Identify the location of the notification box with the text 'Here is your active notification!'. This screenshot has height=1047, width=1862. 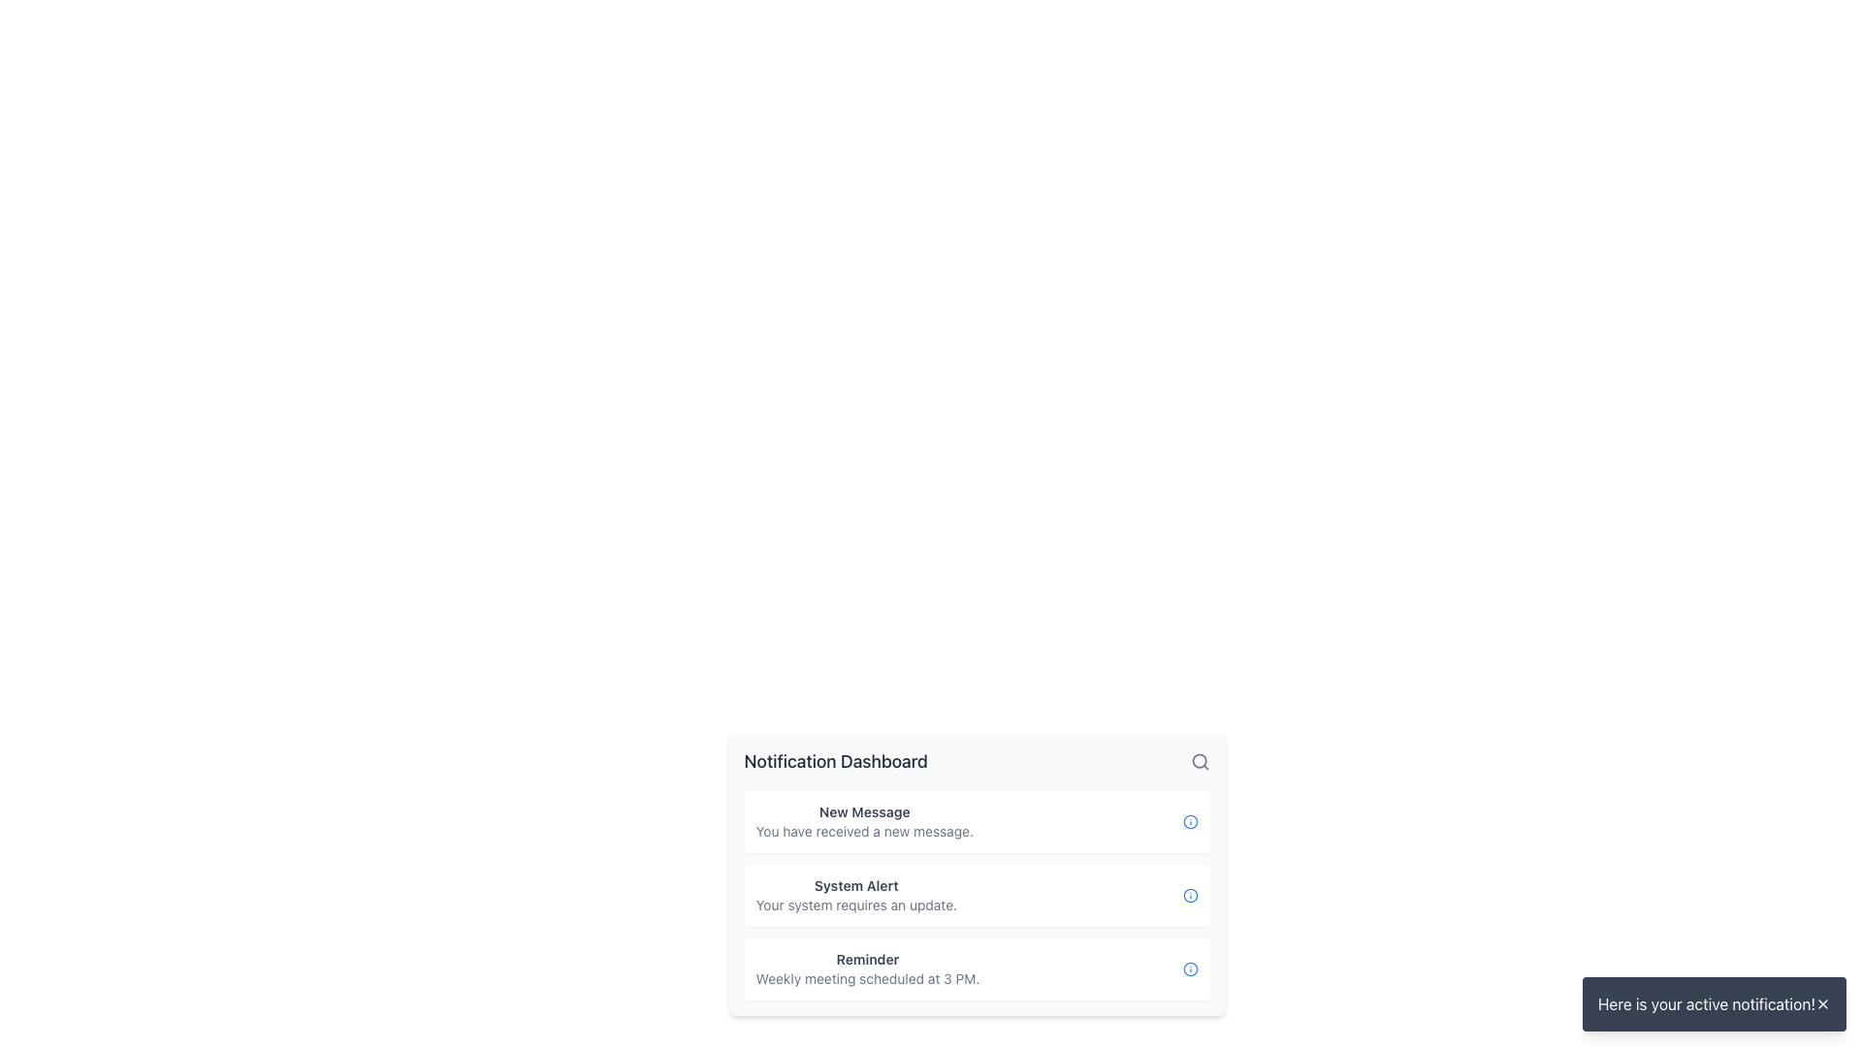
(1714, 1003).